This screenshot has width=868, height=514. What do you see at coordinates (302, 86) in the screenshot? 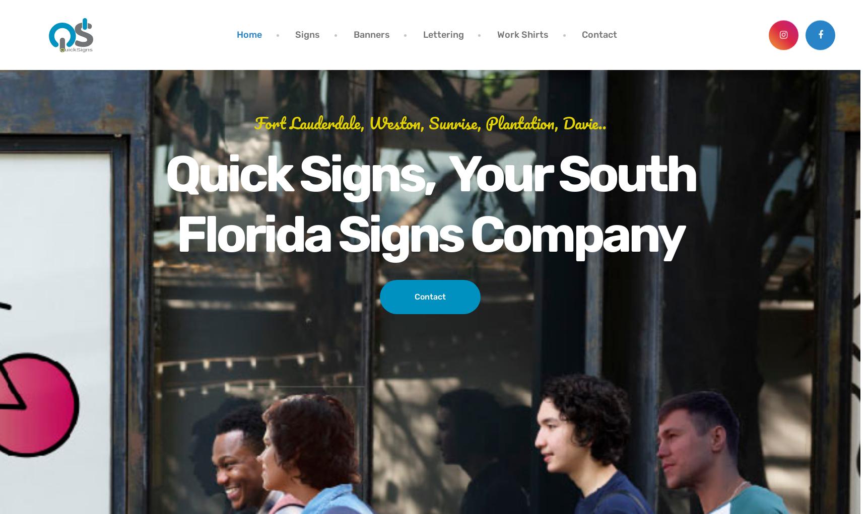
I see `'Yard Signs'` at bounding box center [302, 86].